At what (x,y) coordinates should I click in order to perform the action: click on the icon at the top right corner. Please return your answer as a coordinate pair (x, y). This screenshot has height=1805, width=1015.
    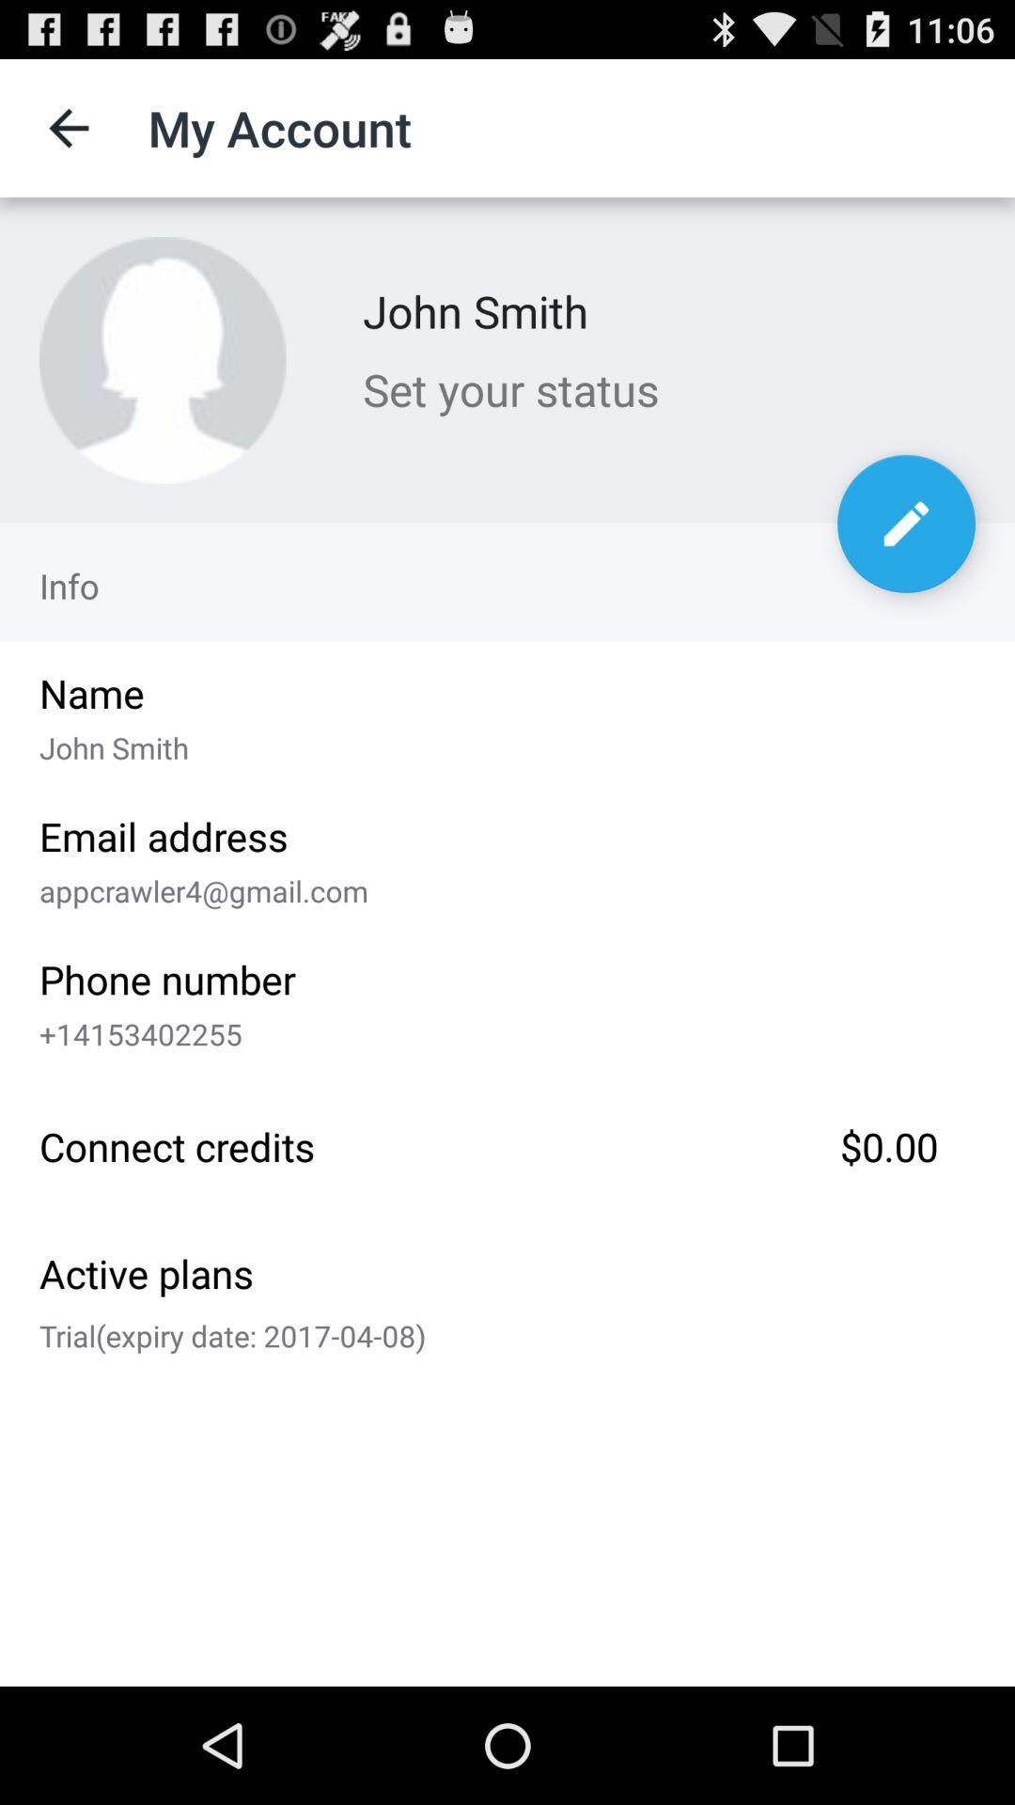
    Looking at the image, I should click on (905, 524).